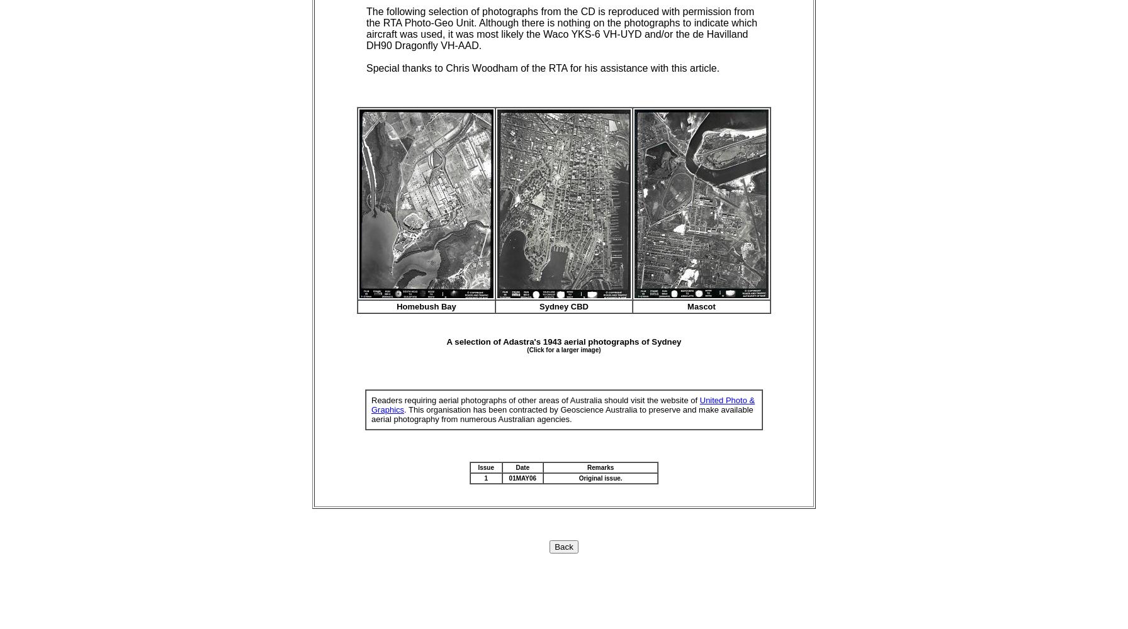  What do you see at coordinates (543, 67) in the screenshot?
I see `'Special thanks to Chris Woodham of the RTA for his assistance with 
              this article.'` at bounding box center [543, 67].